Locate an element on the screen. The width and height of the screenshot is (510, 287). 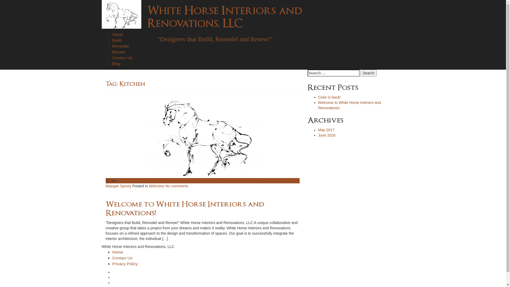
'Remodel' is located at coordinates (112, 46).